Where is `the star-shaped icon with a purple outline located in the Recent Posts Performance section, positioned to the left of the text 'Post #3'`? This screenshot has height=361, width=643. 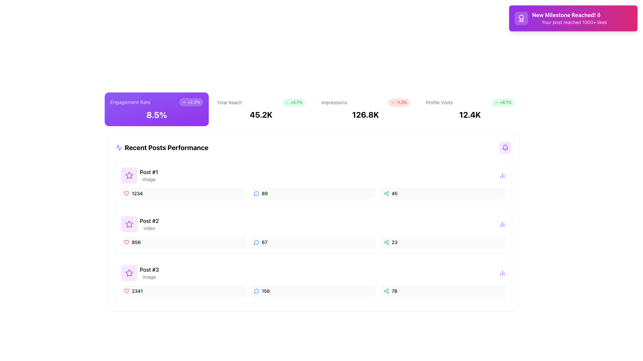
the star-shaped icon with a purple outline located in the Recent Posts Performance section, positioned to the left of the text 'Post #3' is located at coordinates (129, 273).